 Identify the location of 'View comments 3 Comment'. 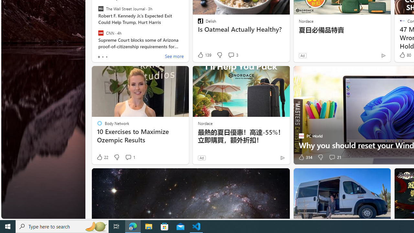
(231, 54).